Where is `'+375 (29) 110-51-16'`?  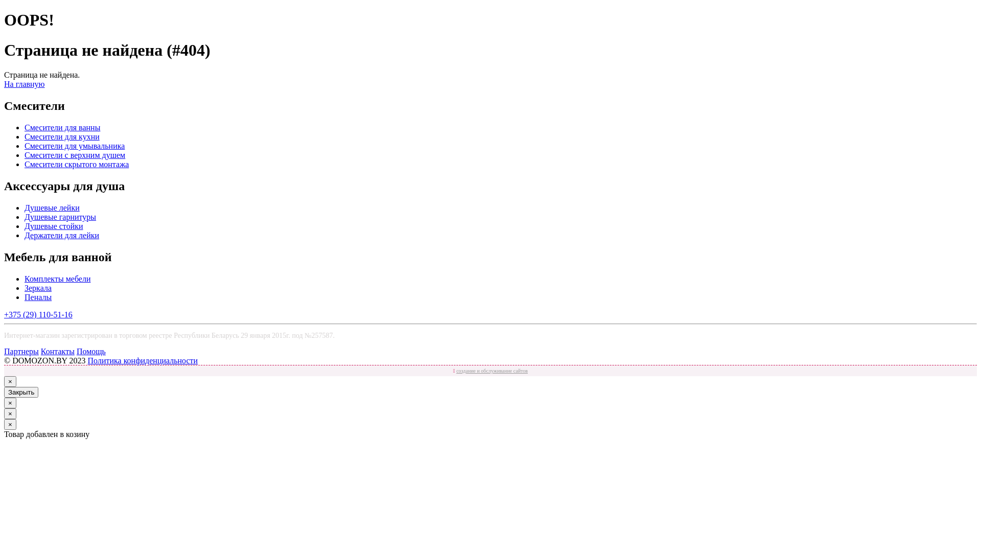
'+375 (29) 110-51-16' is located at coordinates (38, 314).